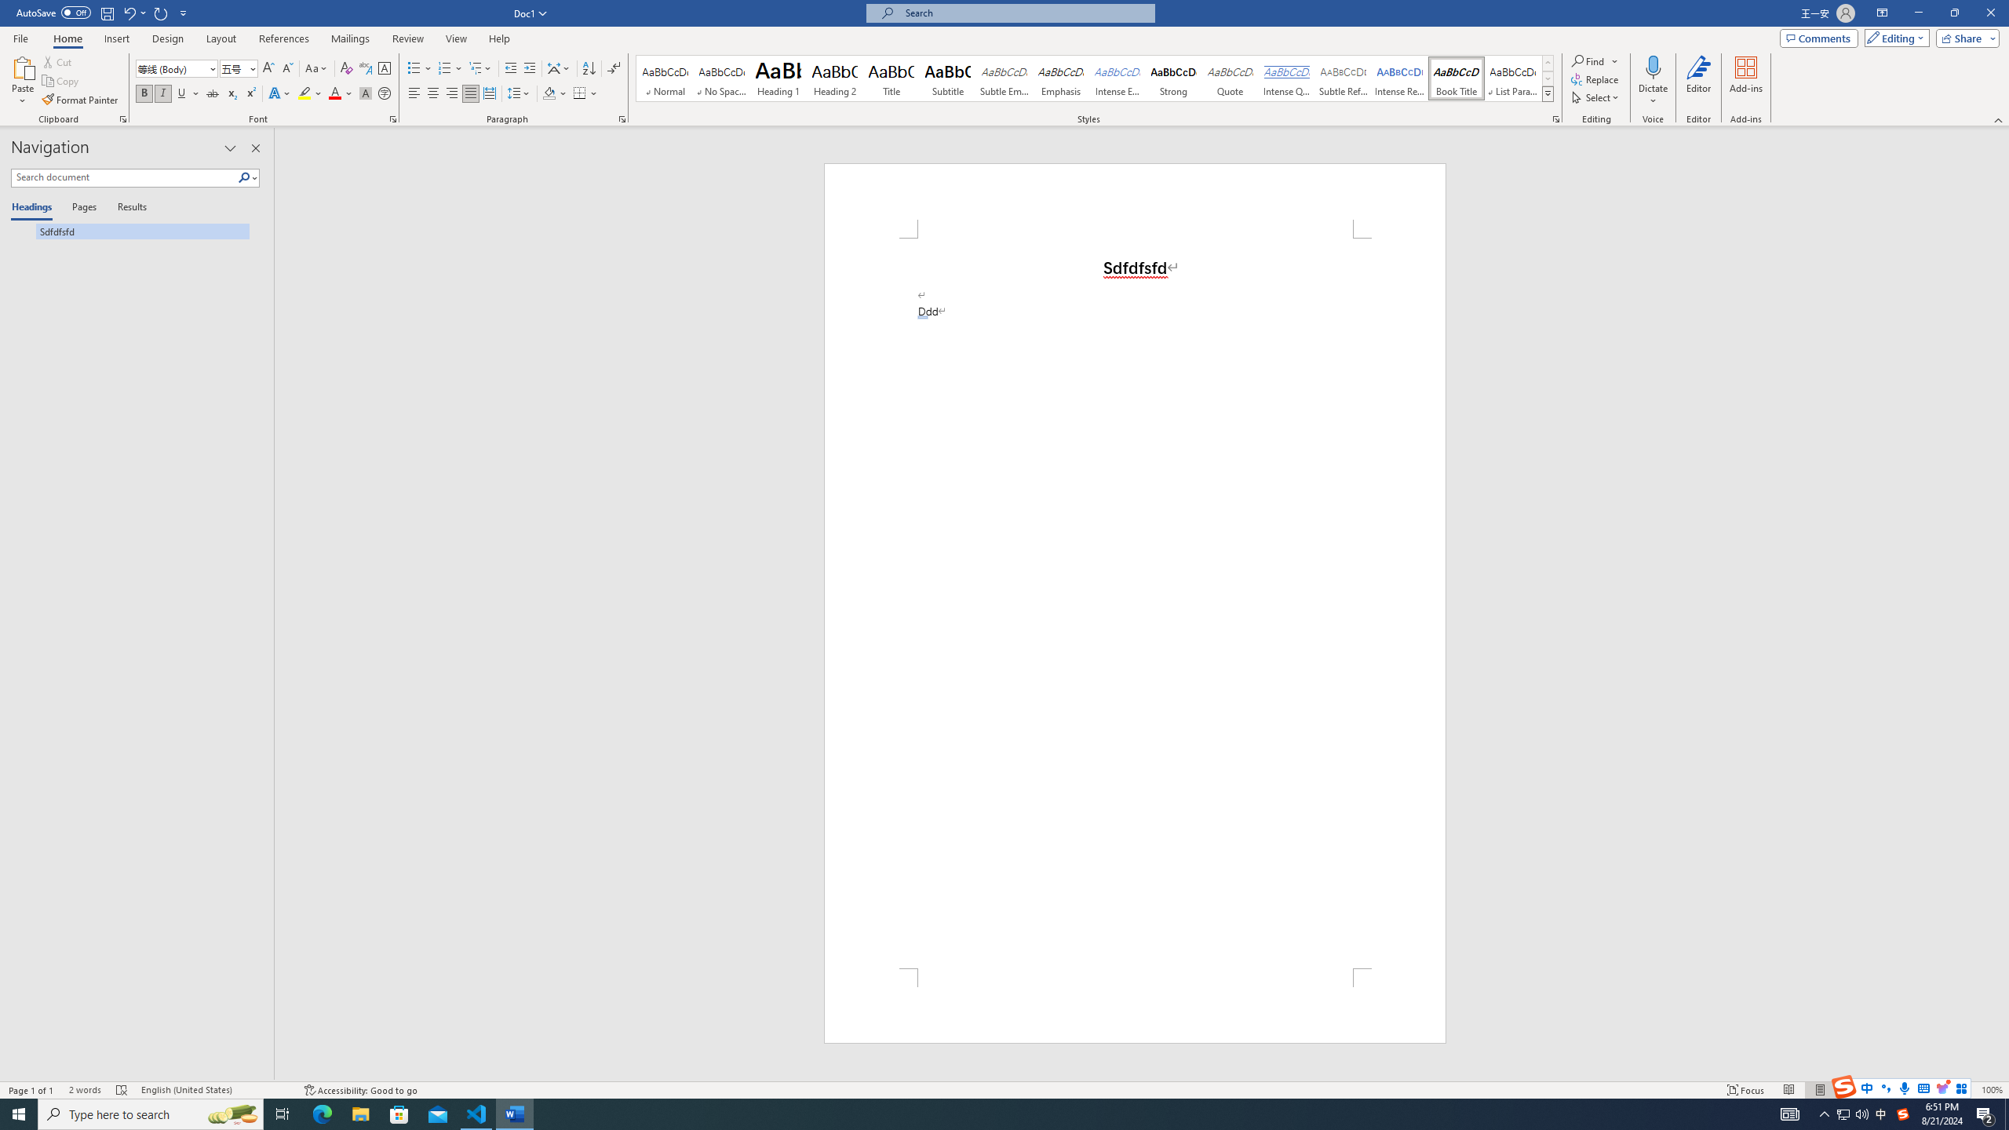 The image size is (2009, 1130). What do you see at coordinates (1920, 1090) in the screenshot?
I see `'Zoom'` at bounding box center [1920, 1090].